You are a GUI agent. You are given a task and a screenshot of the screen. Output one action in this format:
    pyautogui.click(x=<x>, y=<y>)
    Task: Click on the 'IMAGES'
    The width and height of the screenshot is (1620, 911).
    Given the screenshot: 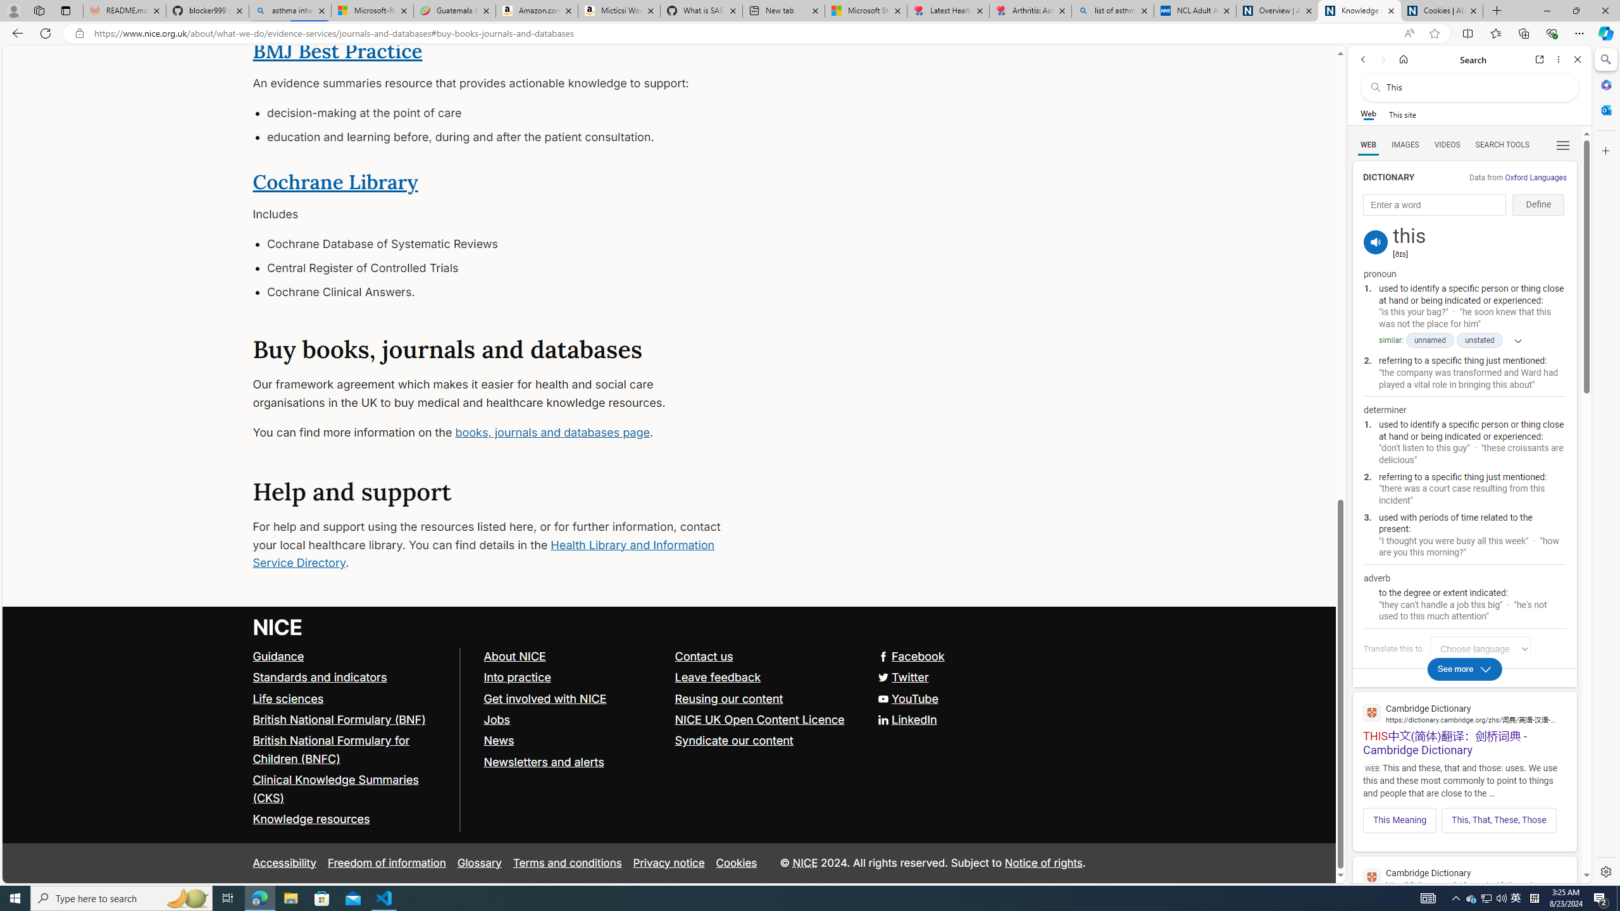 What is the action you would take?
    pyautogui.click(x=1404, y=145)
    